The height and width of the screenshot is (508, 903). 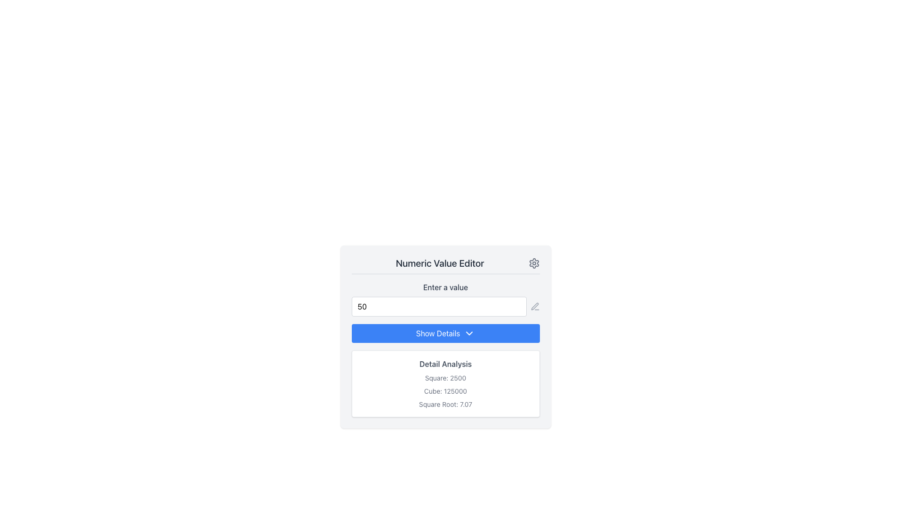 I want to click on text displayed in the text label that presents the square root value of a given number, located in the third position under 'Detail Analysis', so click(x=445, y=404).